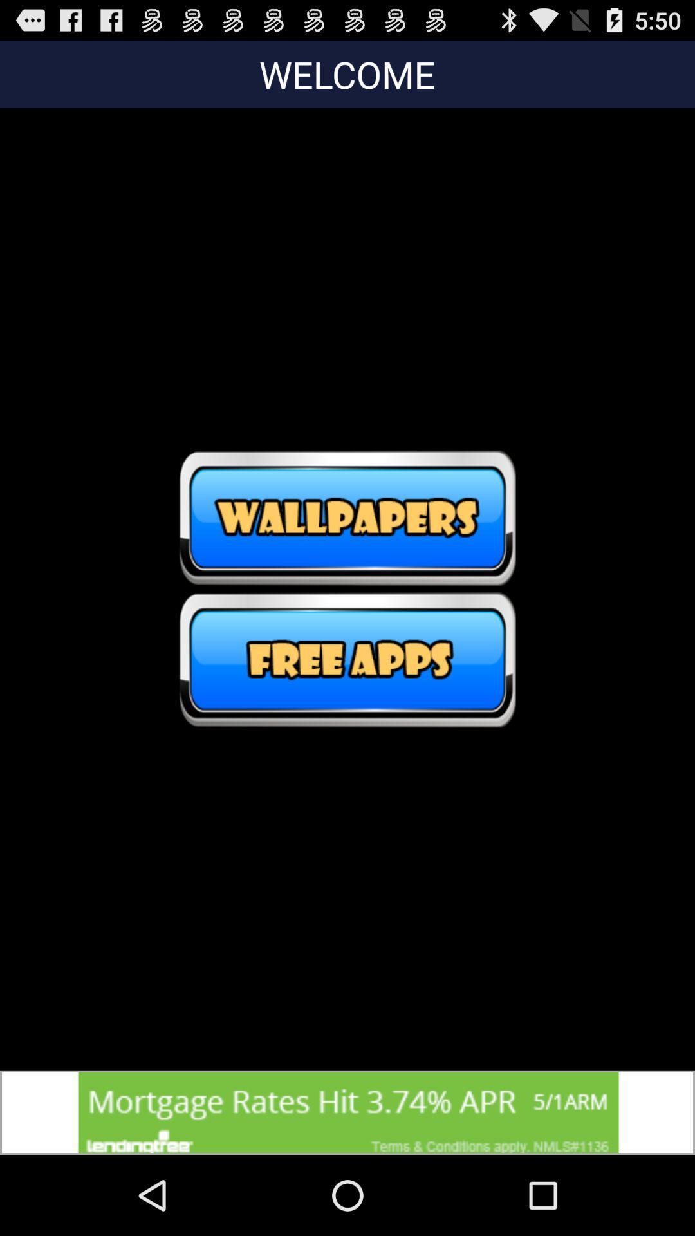 This screenshot has width=695, height=1236. I want to click on advertisement bar, so click(347, 1112).